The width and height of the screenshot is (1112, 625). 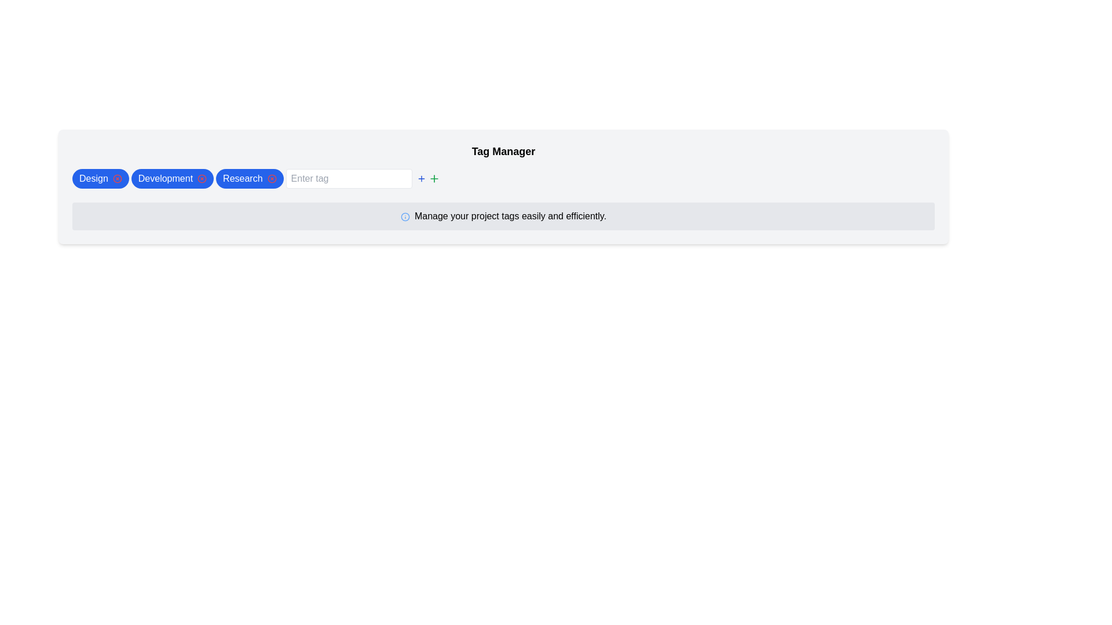 What do you see at coordinates (171, 178) in the screenshot?
I see `the 'Development' Tag button` at bounding box center [171, 178].